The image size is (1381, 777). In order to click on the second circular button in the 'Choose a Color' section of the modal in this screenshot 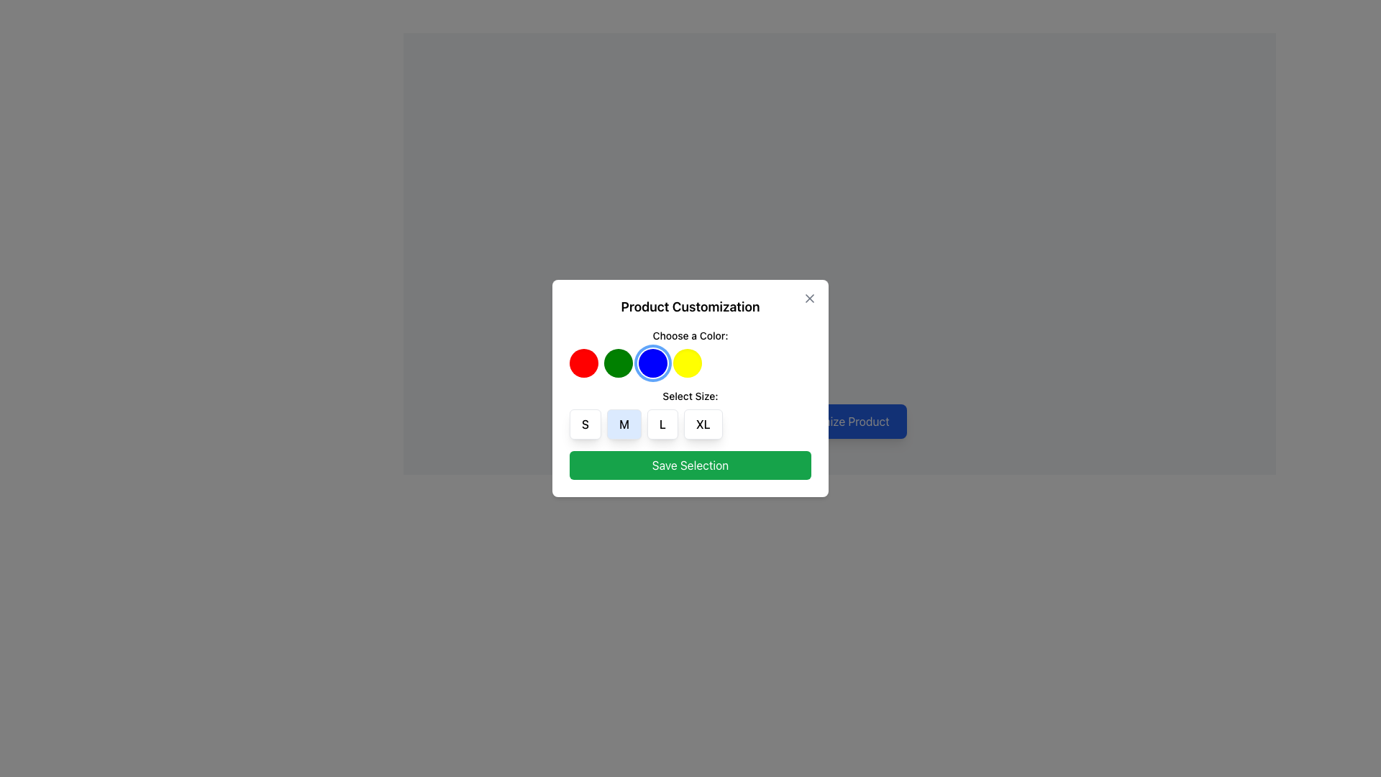, I will do `click(618, 363)`.